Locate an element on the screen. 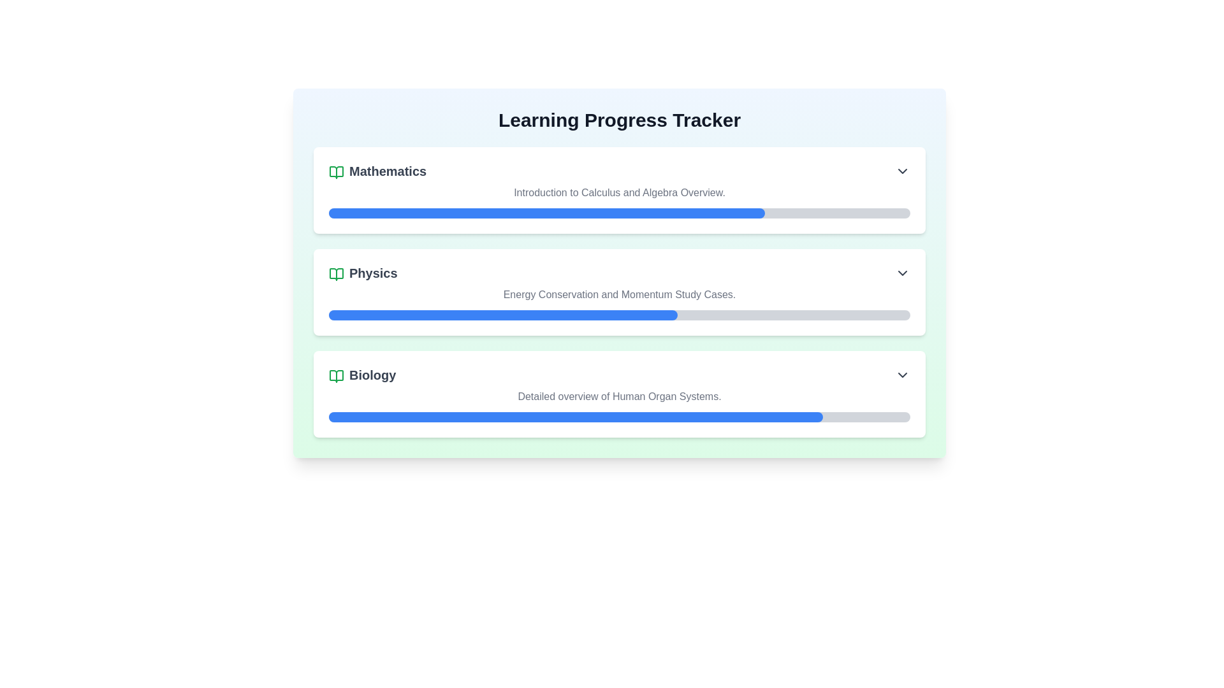 The image size is (1224, 688). the text label component styled as a heading with the text 'Mathematics', which is bold and dark gray, located in the top section of the list-like layout, aligned horizontally with an open book icon is located at coordinates (377, 171).